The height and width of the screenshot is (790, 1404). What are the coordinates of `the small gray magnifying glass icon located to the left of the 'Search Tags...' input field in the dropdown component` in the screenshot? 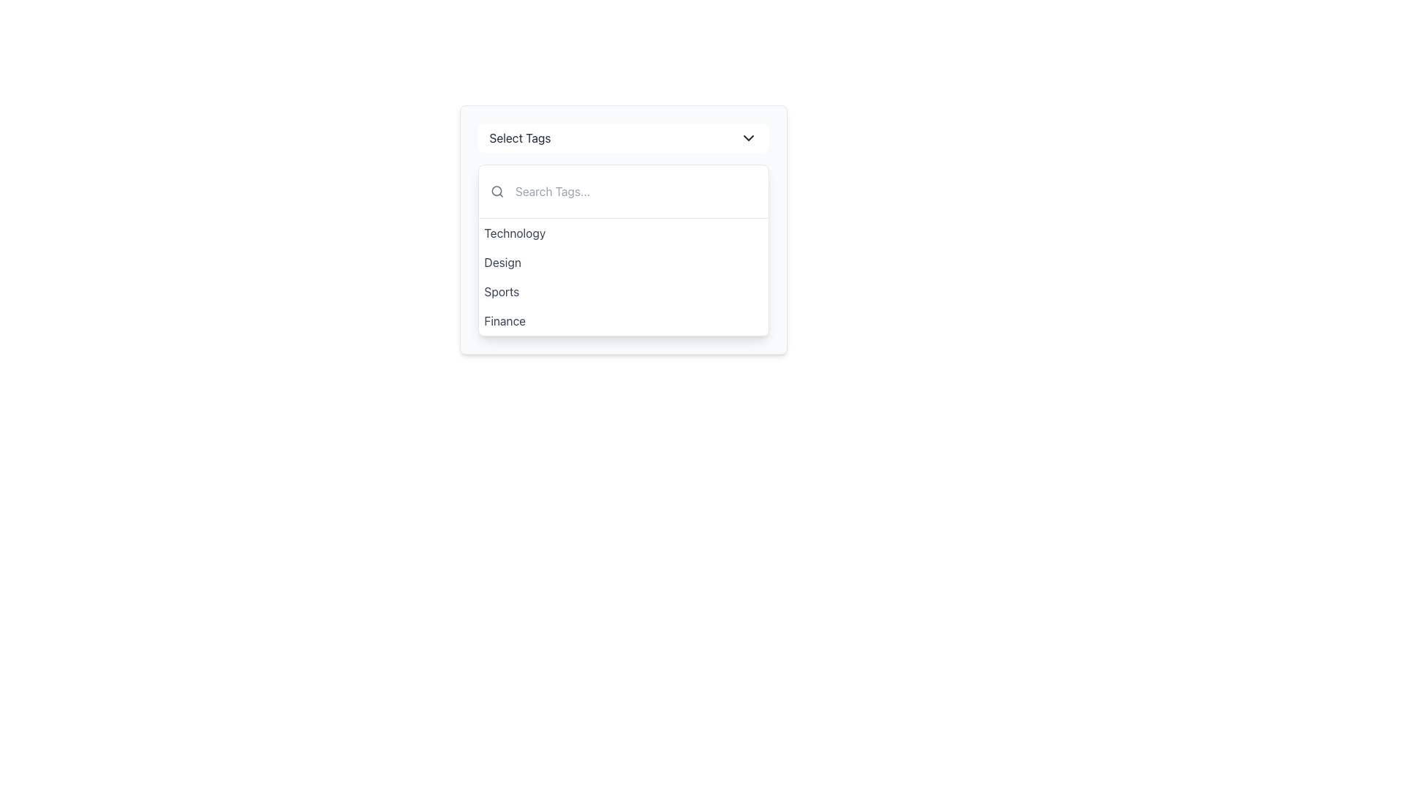 It's located at (497, 191).